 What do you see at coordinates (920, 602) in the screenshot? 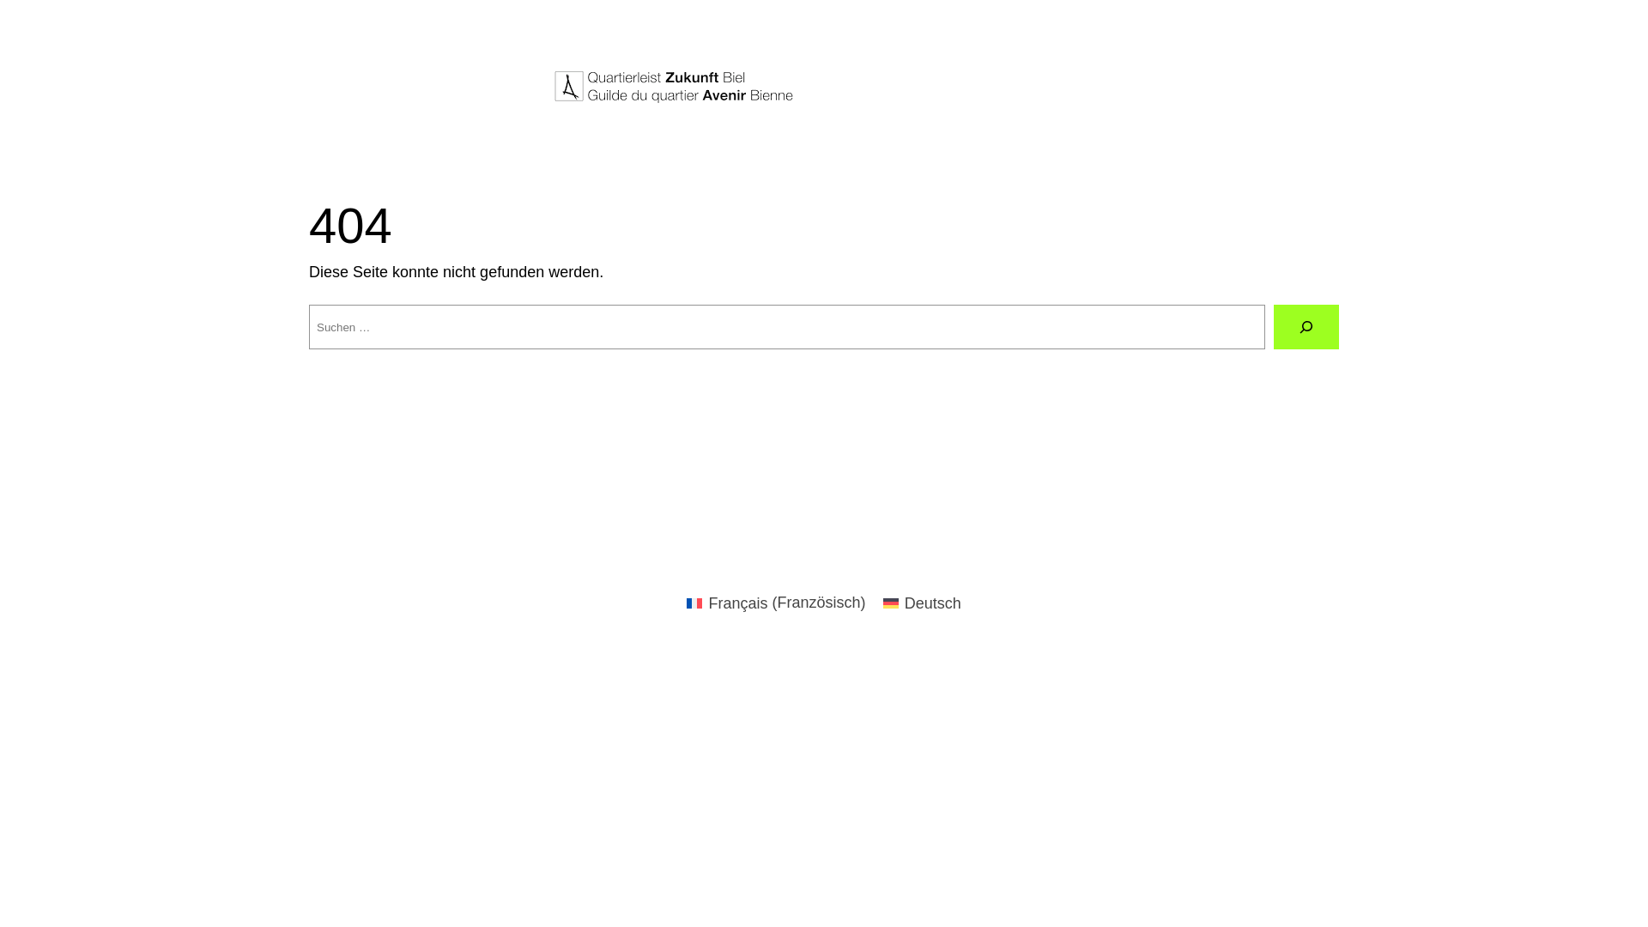
I see `'Deutsch'` at bounding box center [920, 602].